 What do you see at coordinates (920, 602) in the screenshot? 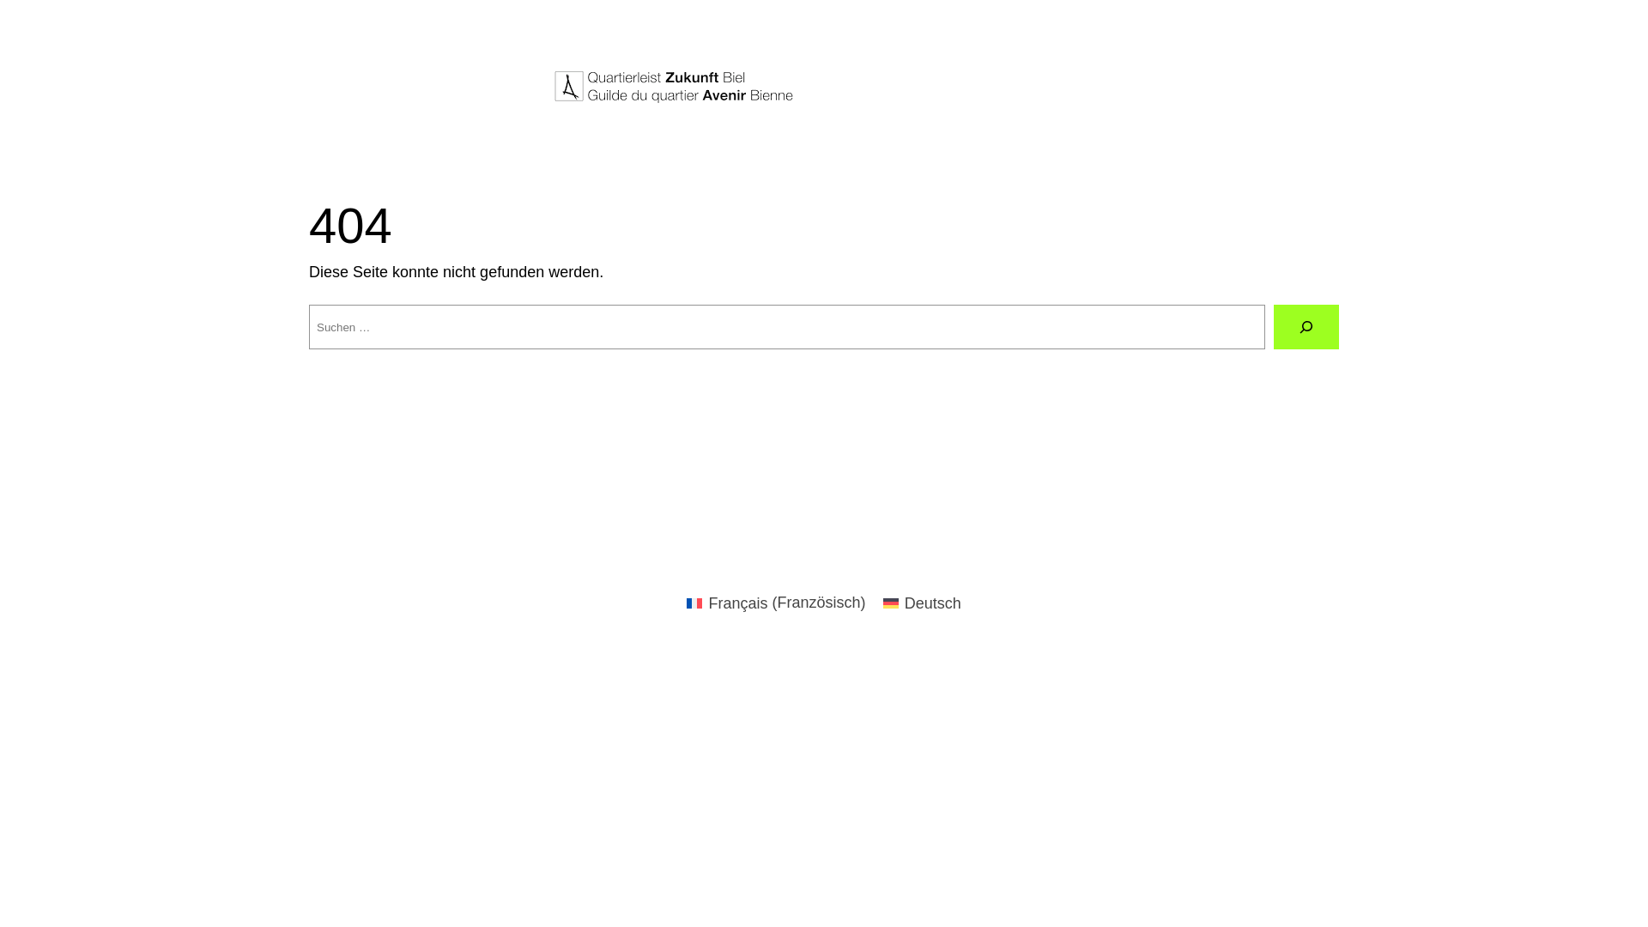
I see `'Deutsch'` at bounding box center [920, 602].